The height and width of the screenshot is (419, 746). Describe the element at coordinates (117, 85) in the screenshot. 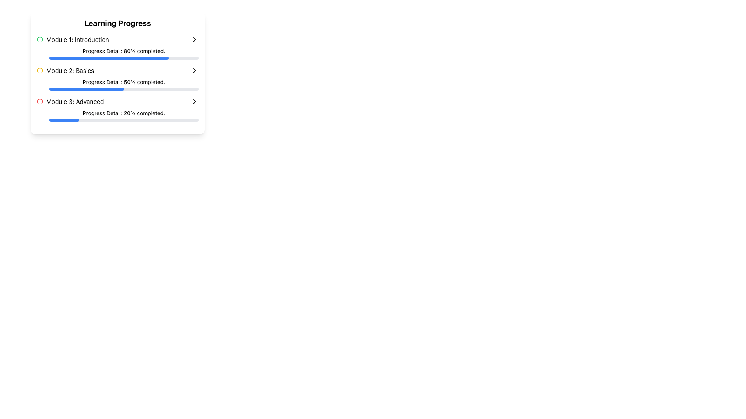

I see `progress text '50% completed' from the progress bar UI element located under 'Module 2: Basics' in the second row of the learning progress sections` at that location.